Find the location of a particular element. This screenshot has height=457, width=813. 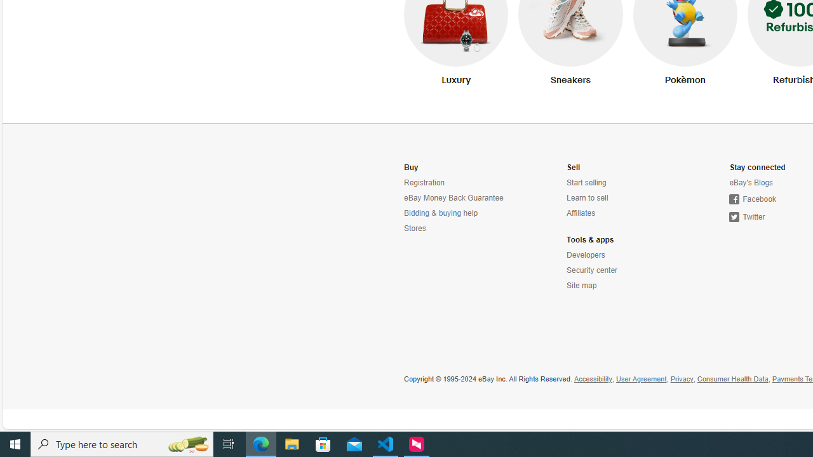

'Consumer Health Data' is located at coordinates (732, 378).